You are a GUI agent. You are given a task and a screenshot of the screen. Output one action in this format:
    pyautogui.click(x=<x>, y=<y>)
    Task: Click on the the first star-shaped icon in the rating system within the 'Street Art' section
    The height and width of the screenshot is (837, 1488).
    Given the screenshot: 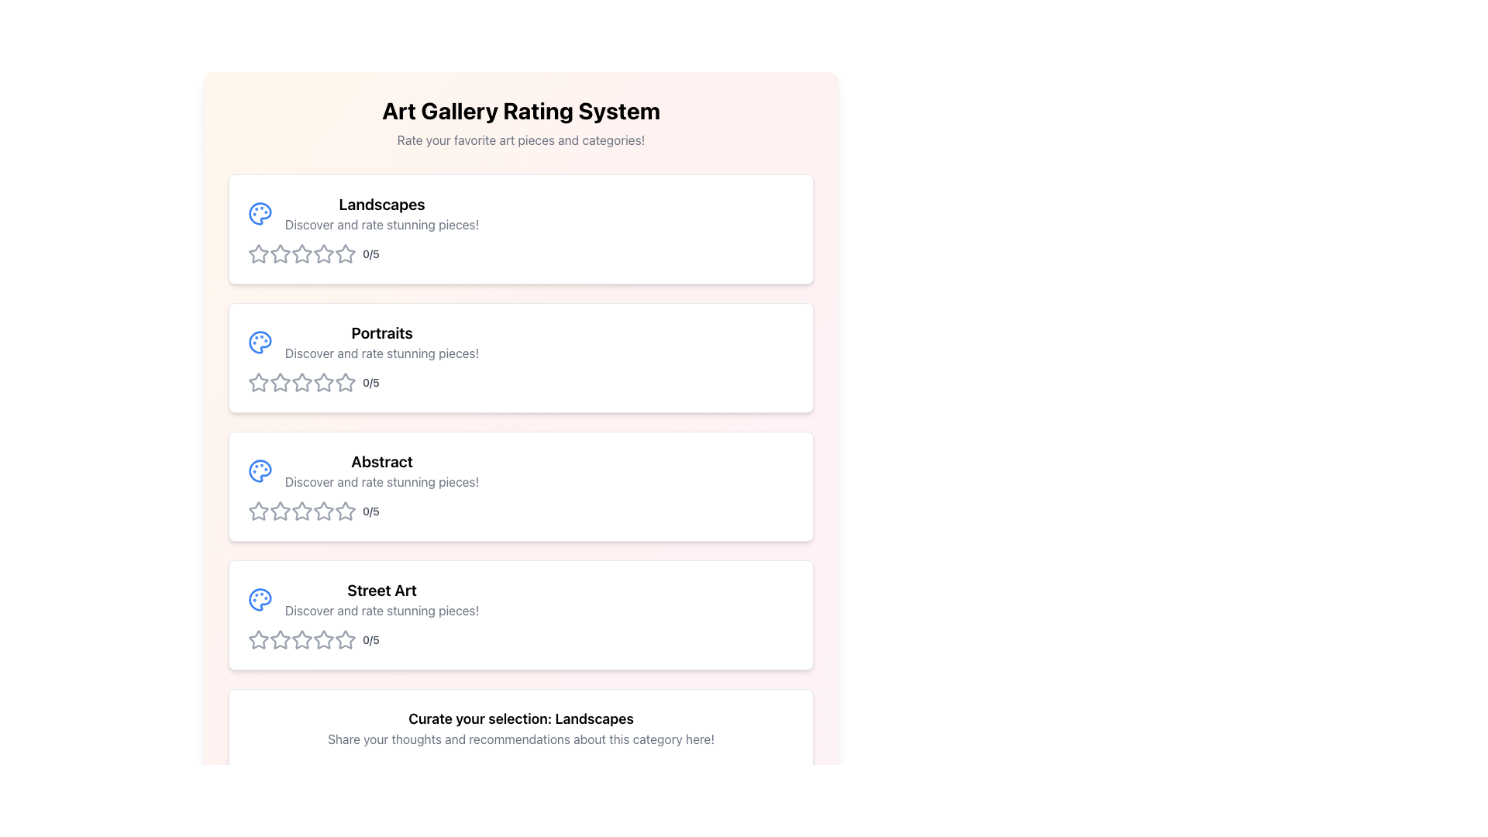 What is the action you would take?
    pyautogui.click(x=280, y=639)
    